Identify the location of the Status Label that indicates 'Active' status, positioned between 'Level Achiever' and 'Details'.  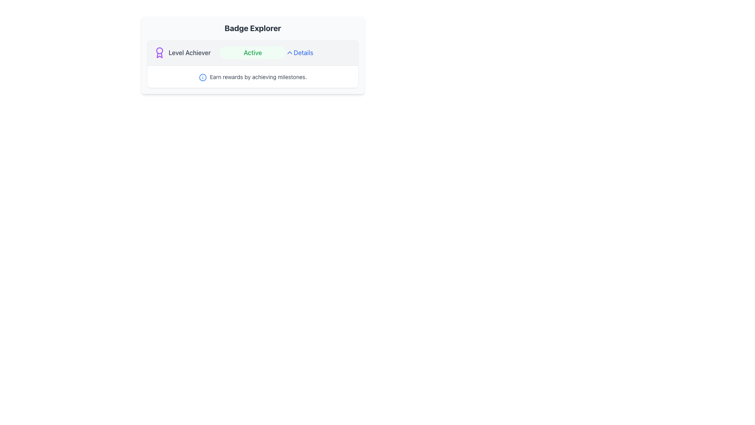
(253, 53).